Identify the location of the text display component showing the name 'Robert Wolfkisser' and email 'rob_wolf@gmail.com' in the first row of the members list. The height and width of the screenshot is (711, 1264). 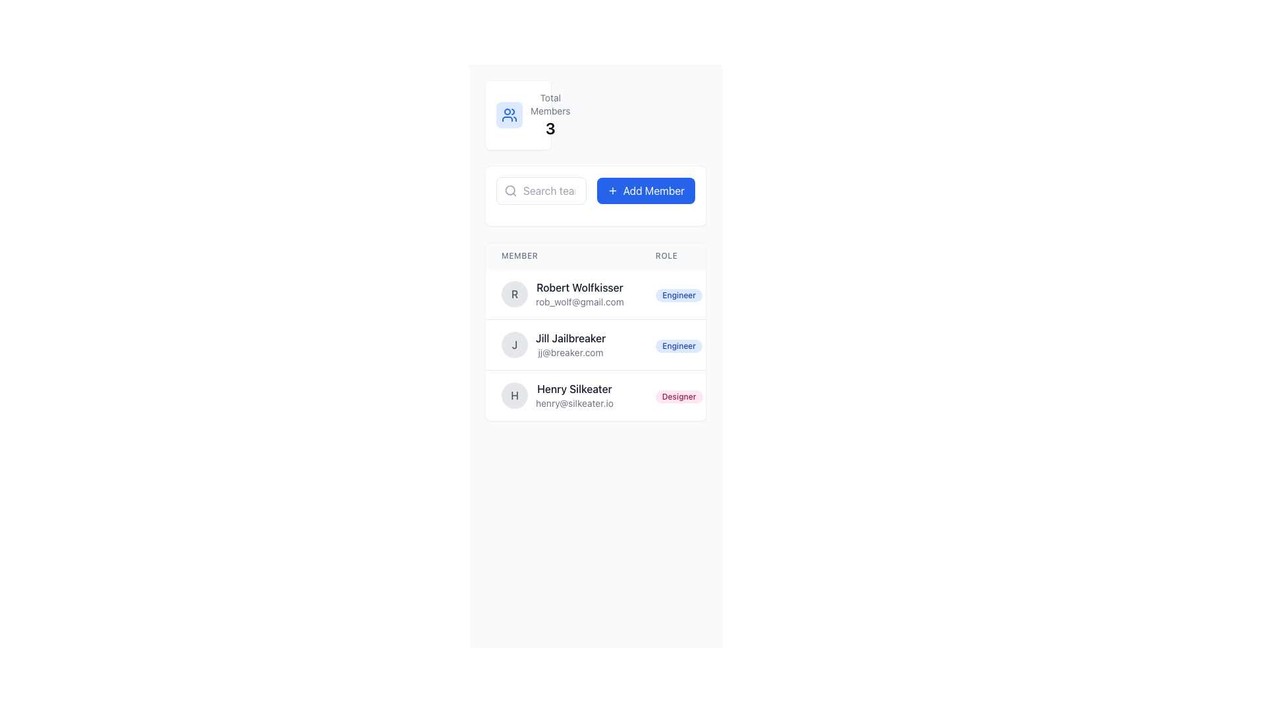
(579, 294).